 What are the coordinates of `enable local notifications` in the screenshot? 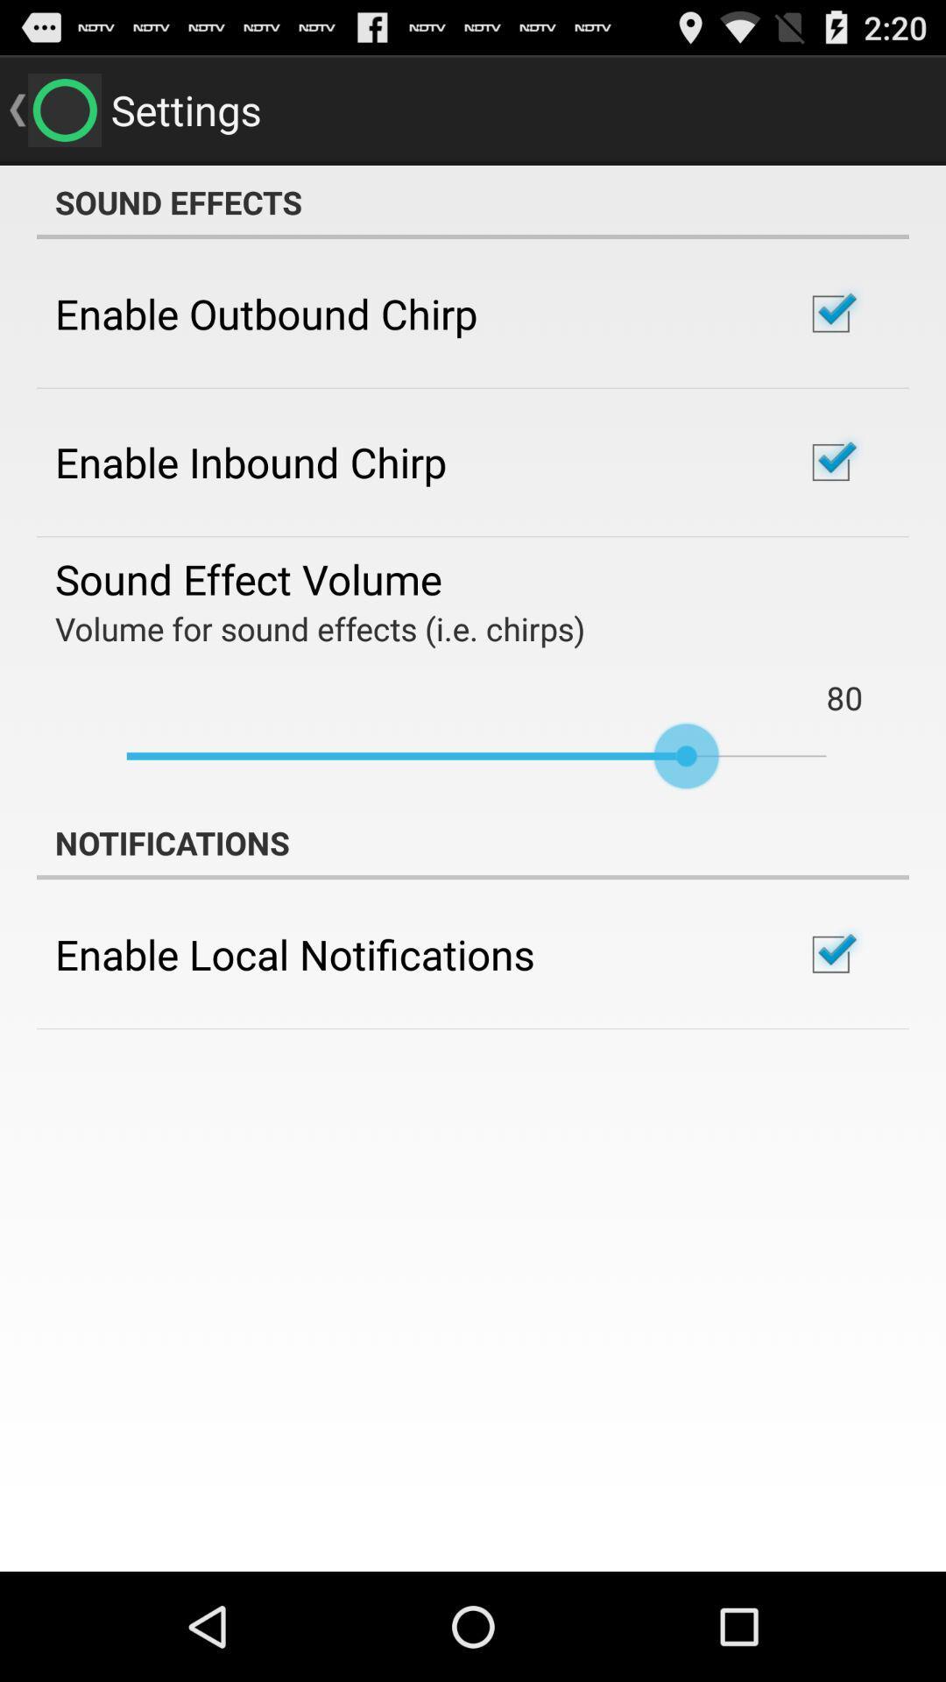 It's located at (293, 953).